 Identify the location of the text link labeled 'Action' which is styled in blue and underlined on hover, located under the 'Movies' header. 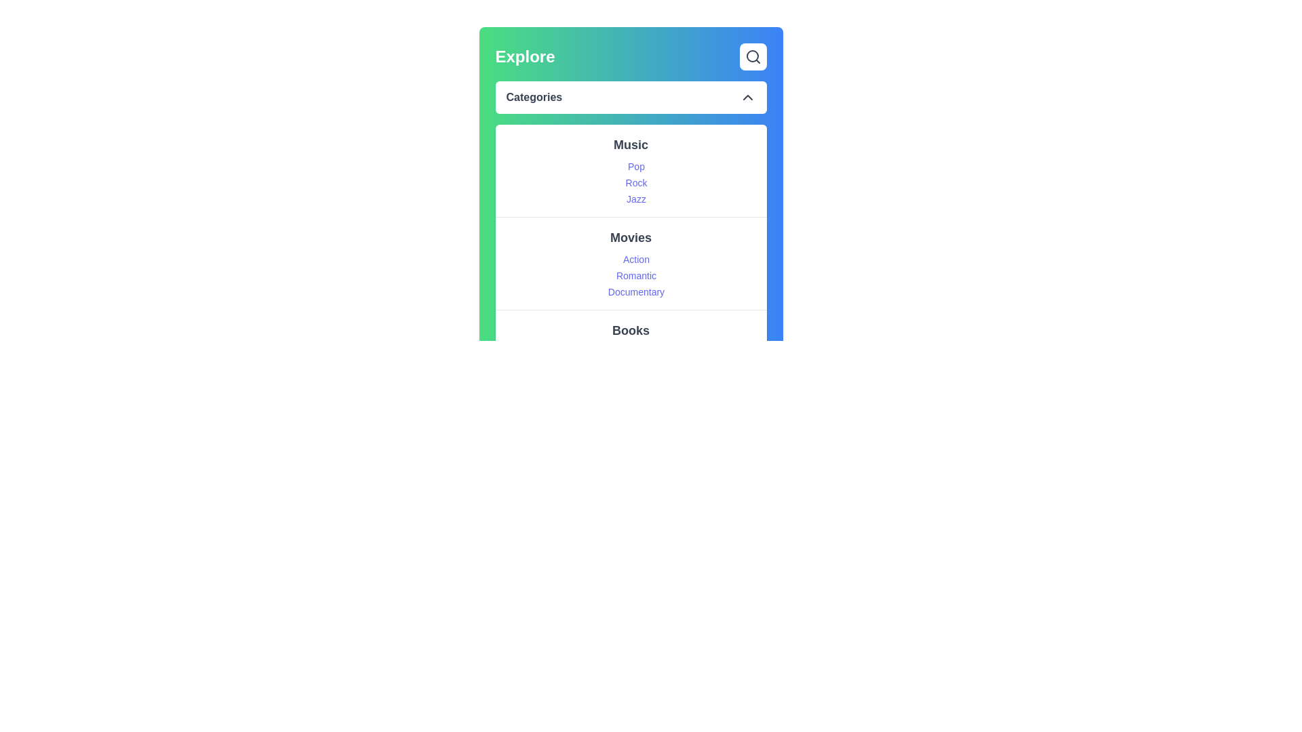
(635, 259).